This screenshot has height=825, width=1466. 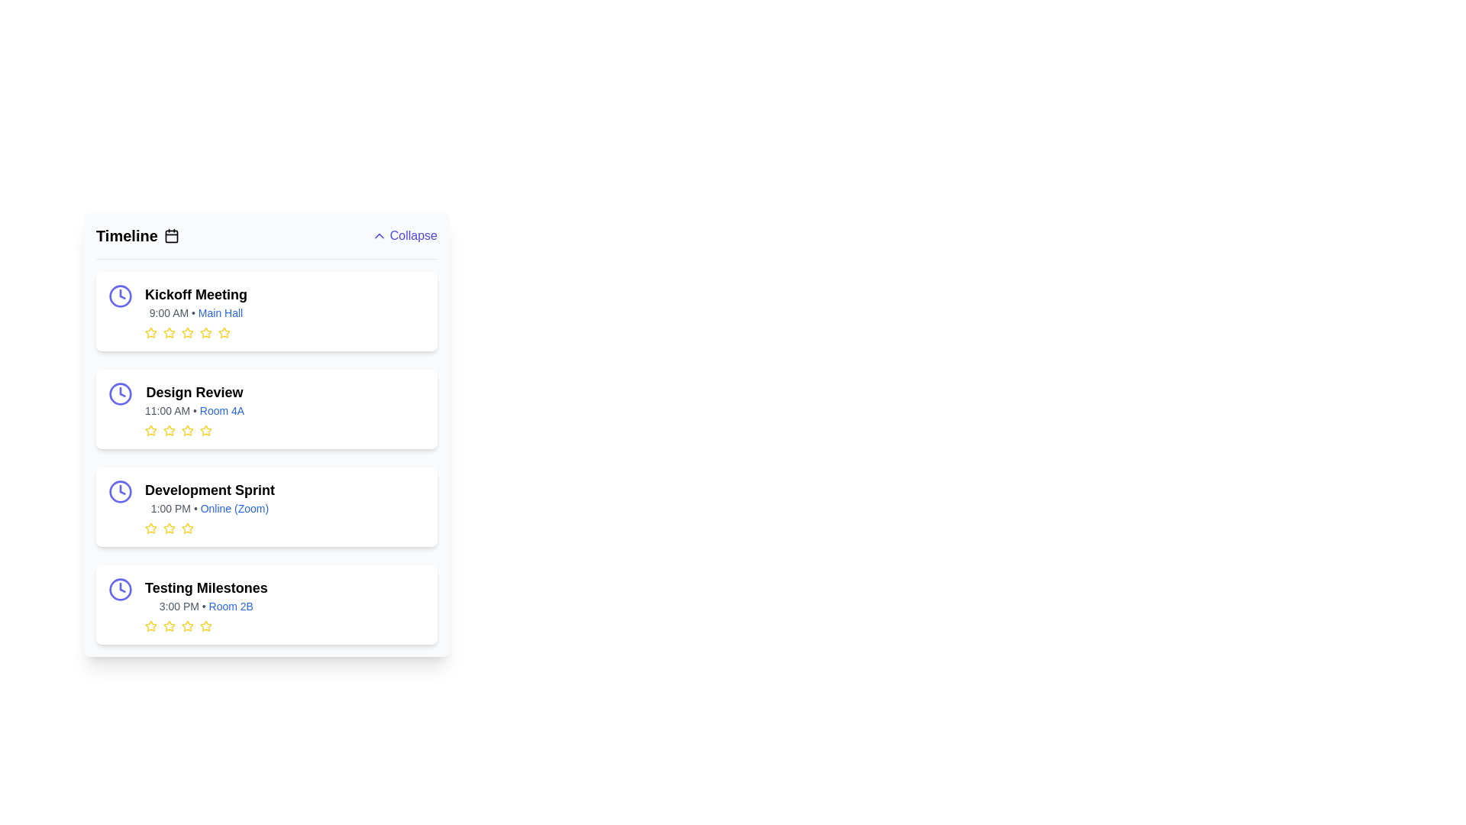 I want to click on the text label displaying '3:00 PM • Room 2B', which is styled in smaller font with gray and blue accents and located under the 'Testing Milestones' header, so click(x=205, y=606).